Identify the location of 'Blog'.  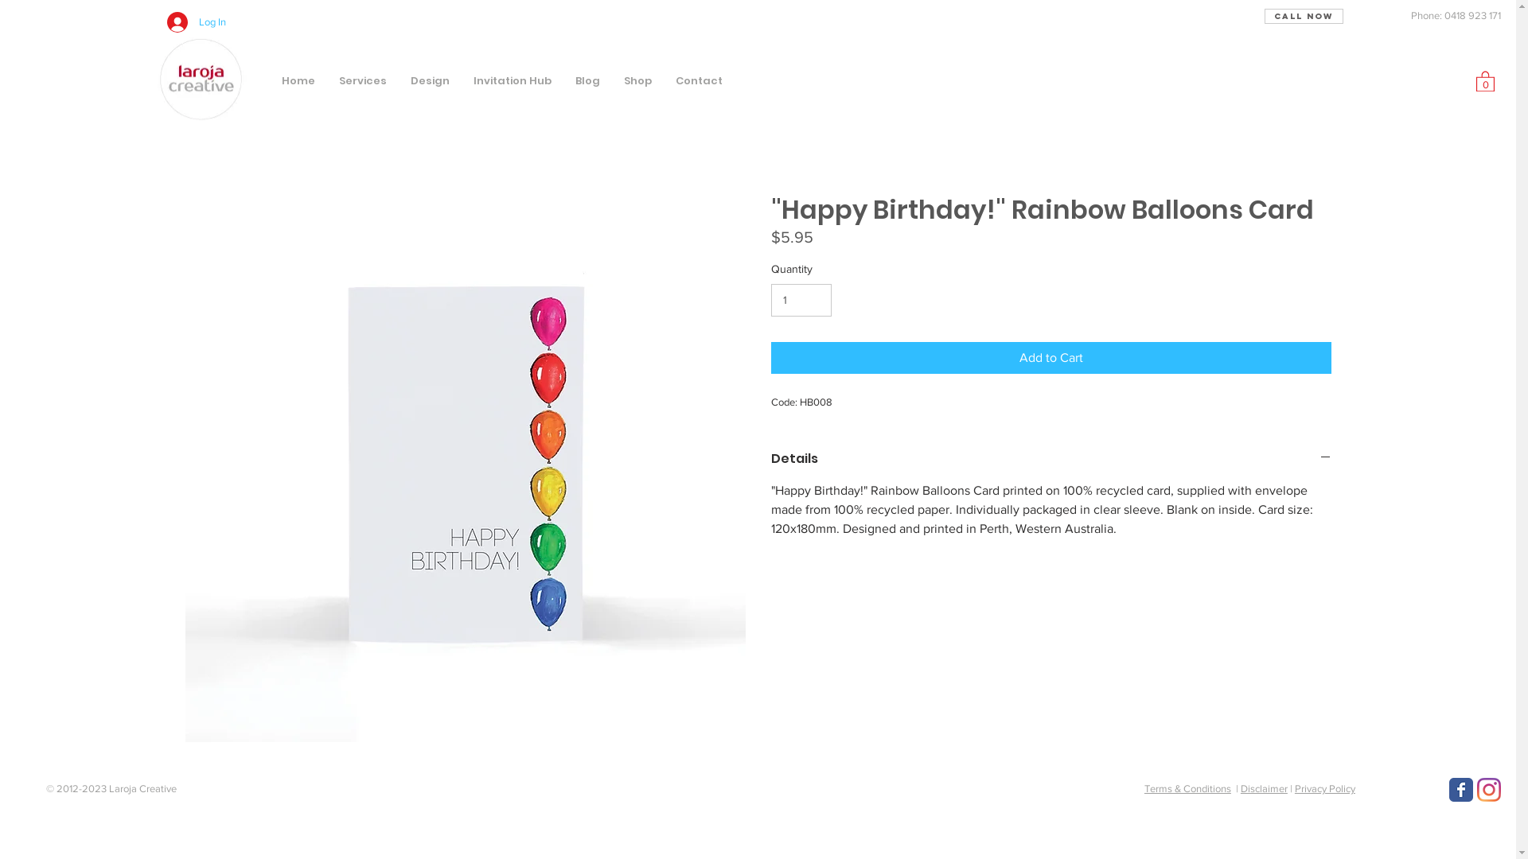
(587, 80).